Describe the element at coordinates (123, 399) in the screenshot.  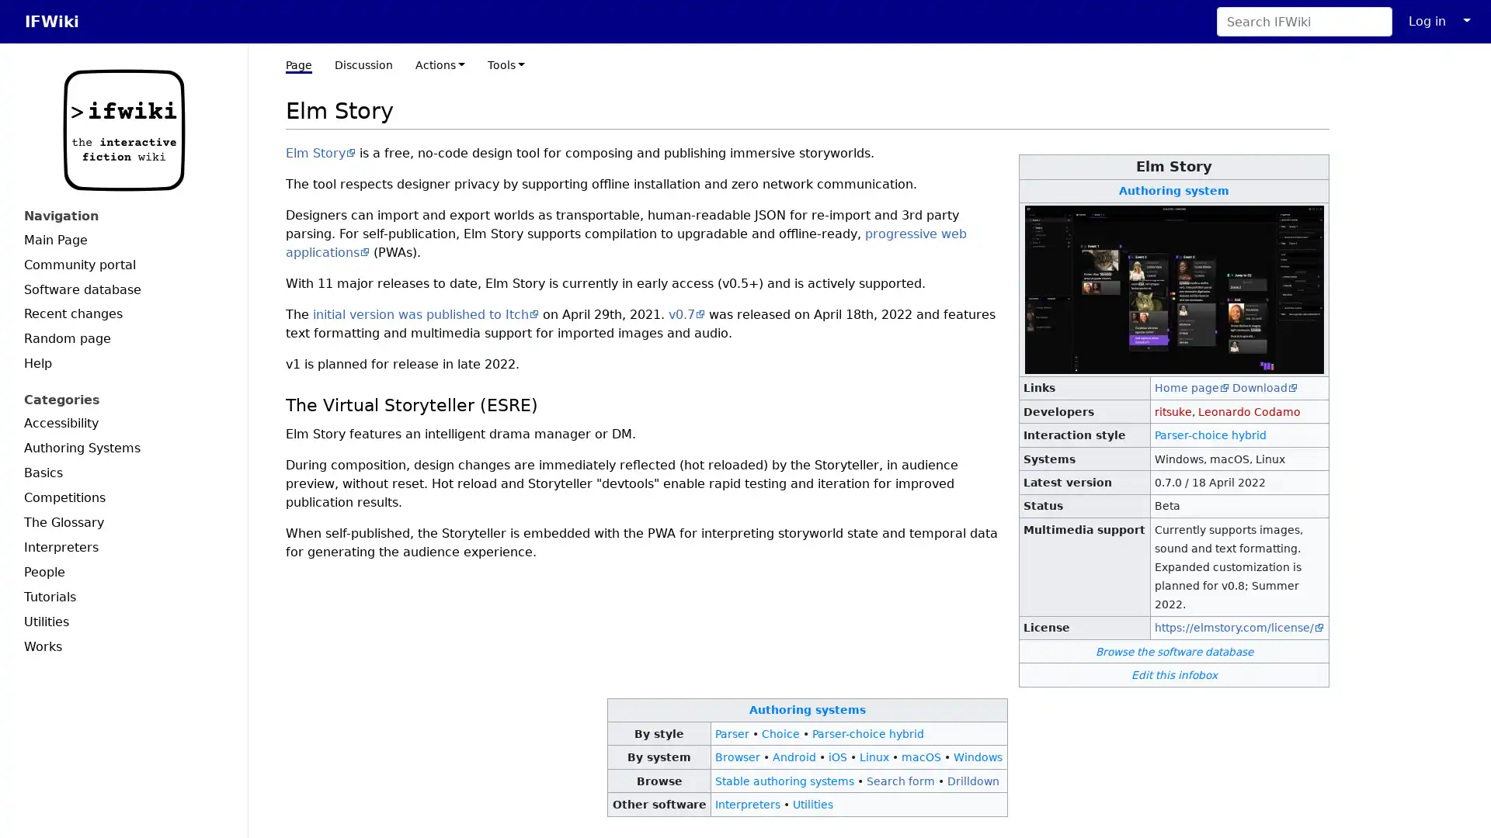
I see `Categories` at that location.